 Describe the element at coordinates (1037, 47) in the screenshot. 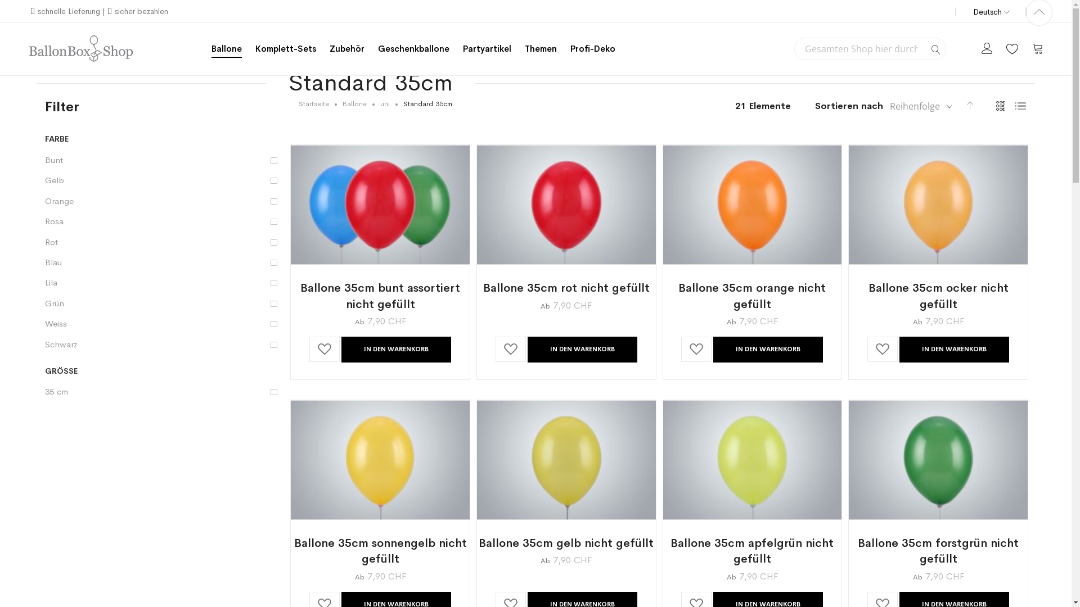

I see `'Mein Warenkorb'` at that location.